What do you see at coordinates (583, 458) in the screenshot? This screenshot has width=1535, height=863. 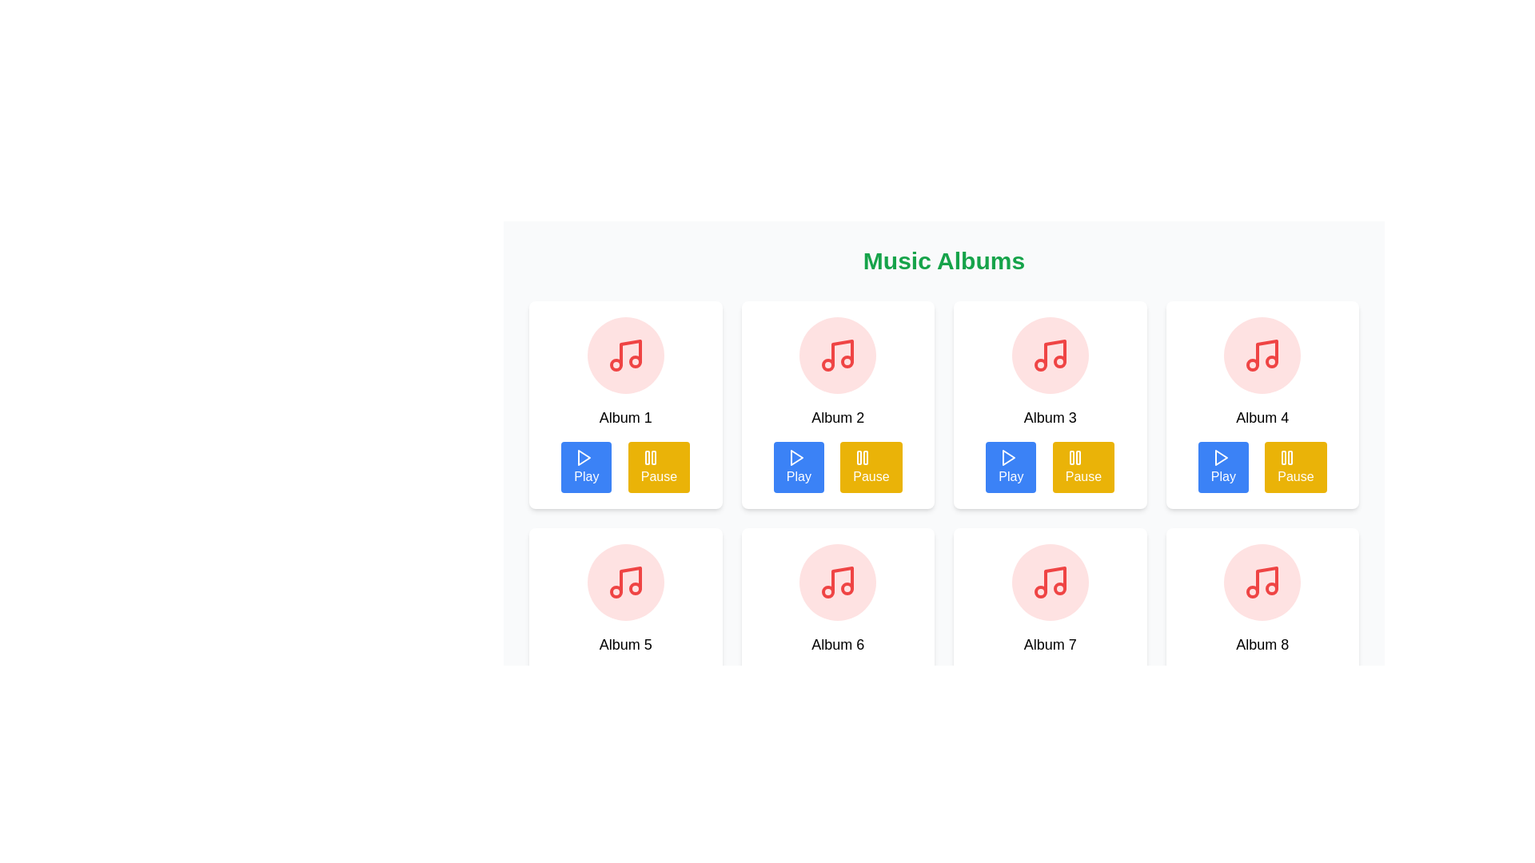 I see `the play icon located inside the blue button labeled 'Play' beneath the 'Album 1' section` at bounding box center [583, 458].